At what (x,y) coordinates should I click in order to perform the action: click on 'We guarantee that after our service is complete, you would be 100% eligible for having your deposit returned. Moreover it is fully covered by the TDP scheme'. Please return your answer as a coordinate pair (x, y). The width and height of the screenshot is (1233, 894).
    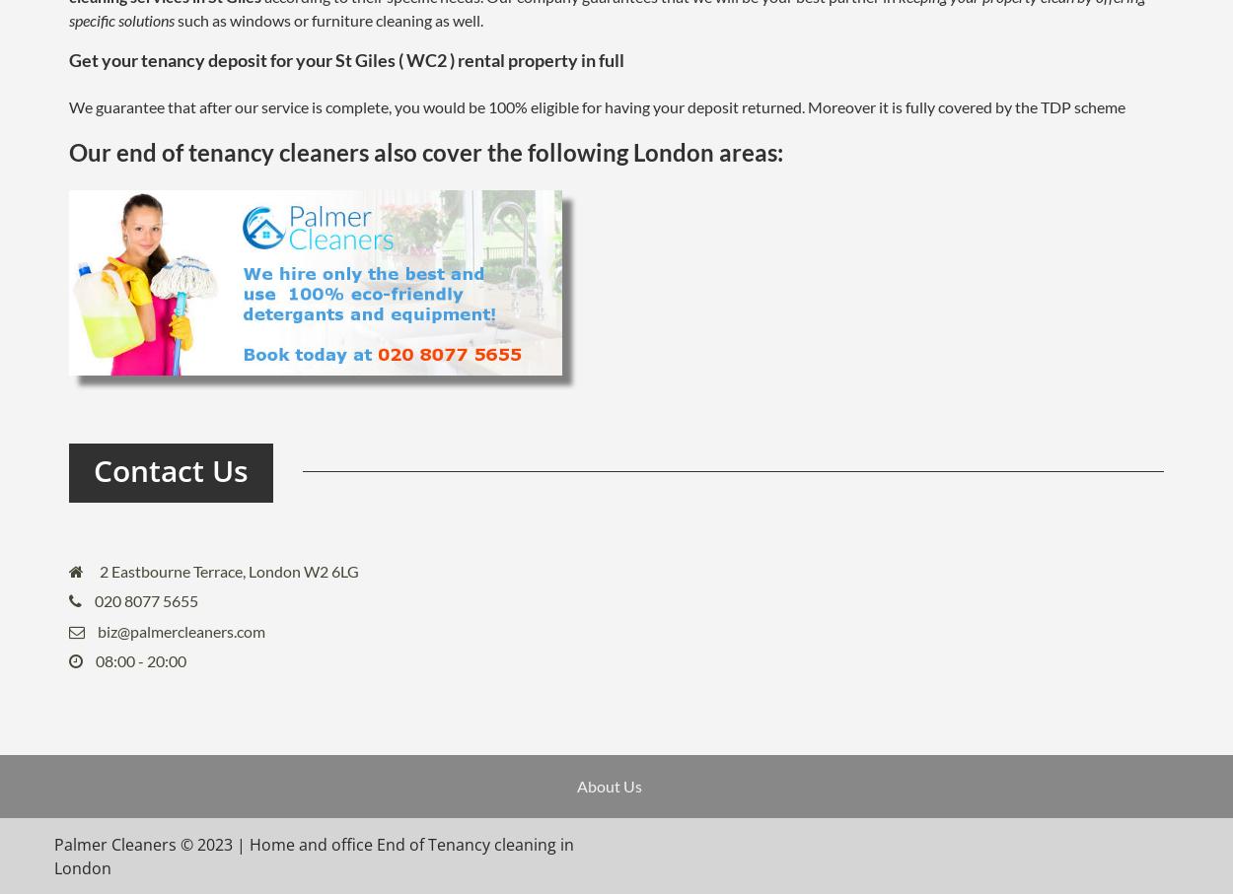
    Looking at the image, I should click on (68, 104).